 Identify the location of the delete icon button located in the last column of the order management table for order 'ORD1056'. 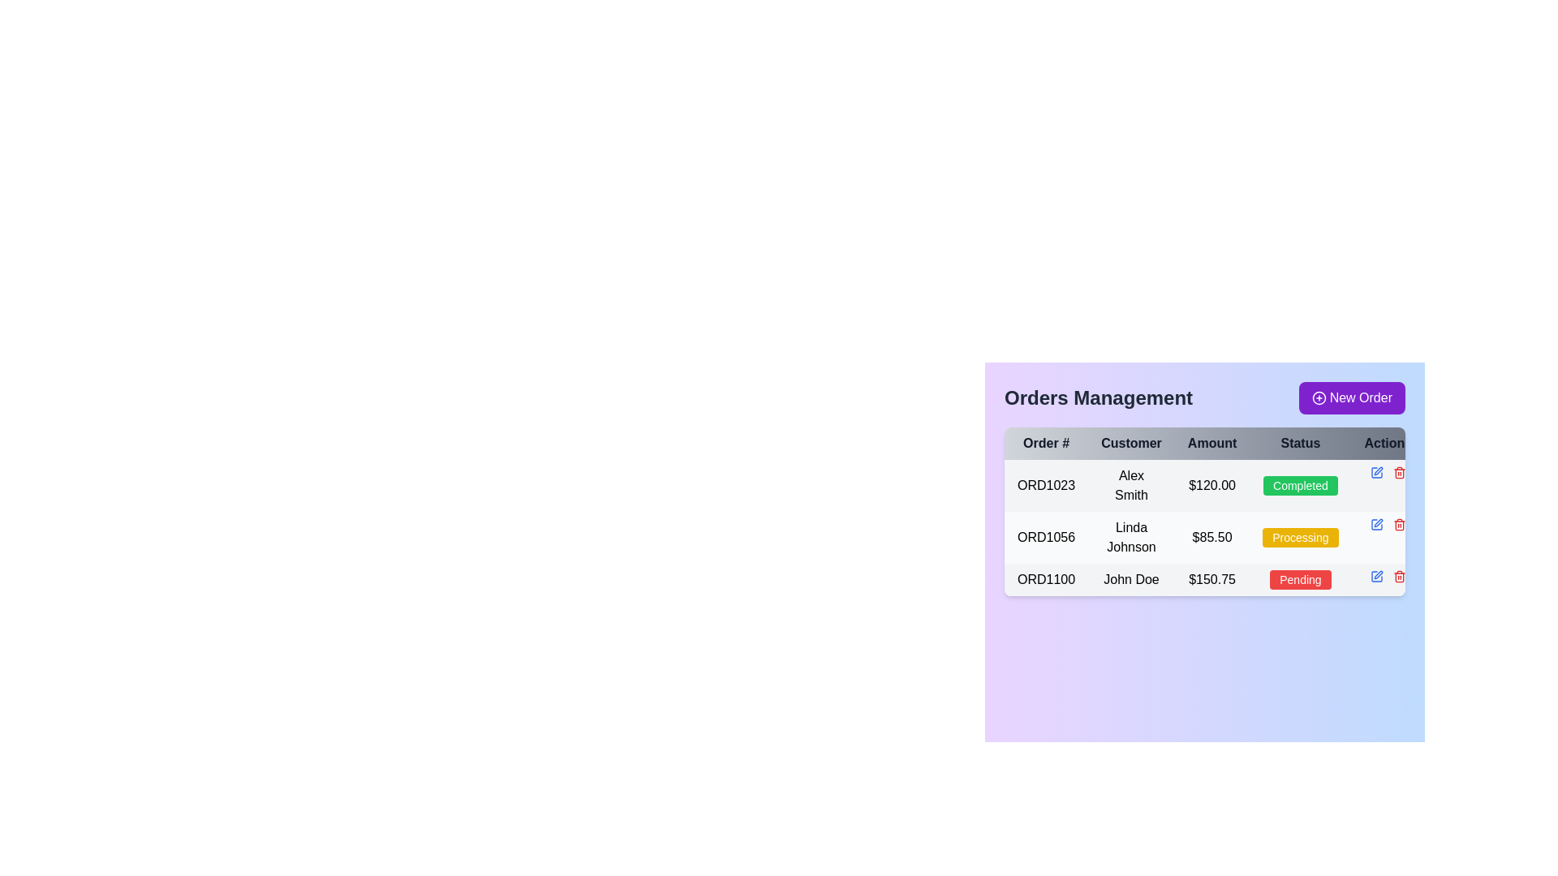
(1398, 525).